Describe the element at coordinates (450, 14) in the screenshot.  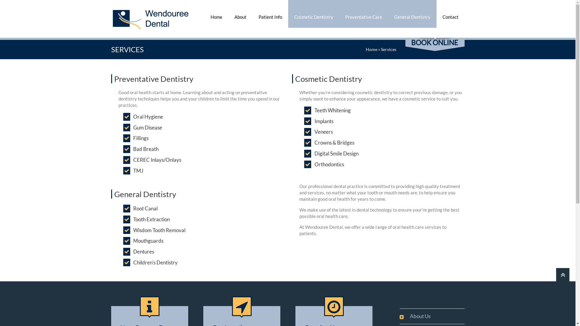
I see `'Contact'` at that location.